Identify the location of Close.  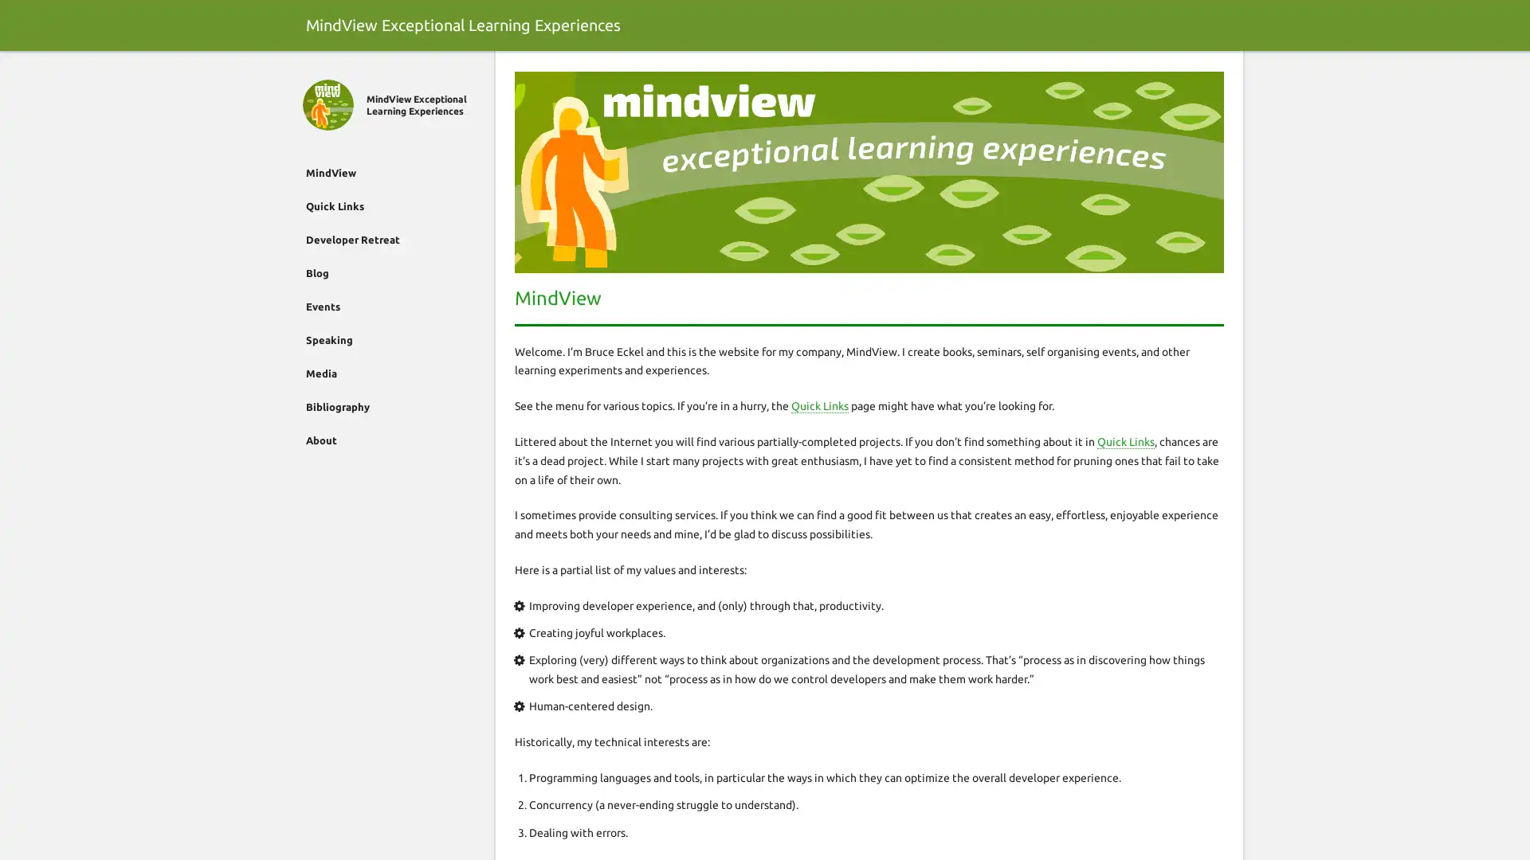
(312, 69).